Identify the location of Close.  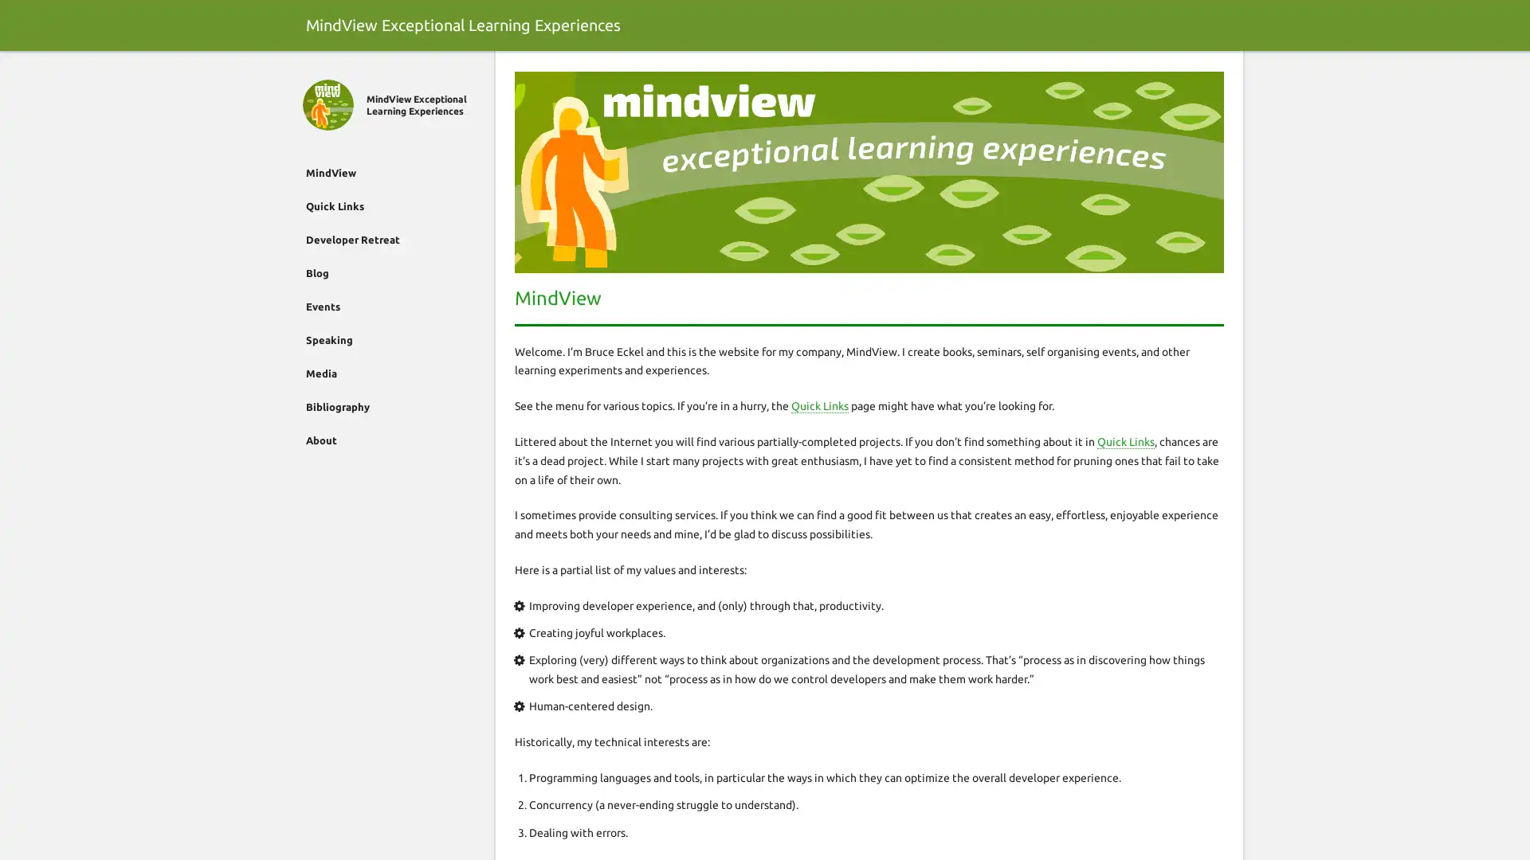
(312, 69).